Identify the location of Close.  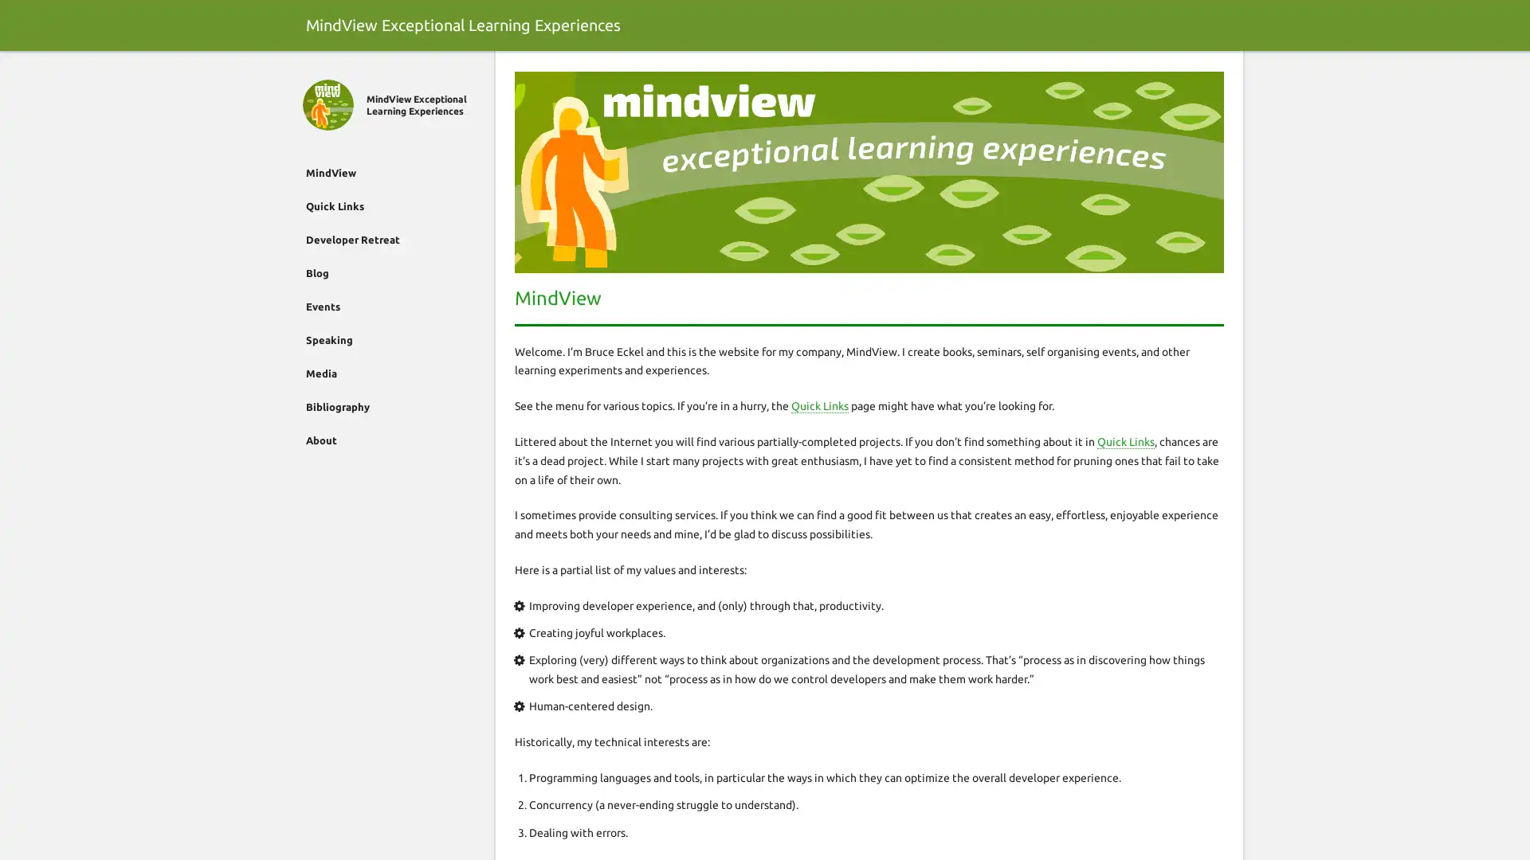
(312, 69).